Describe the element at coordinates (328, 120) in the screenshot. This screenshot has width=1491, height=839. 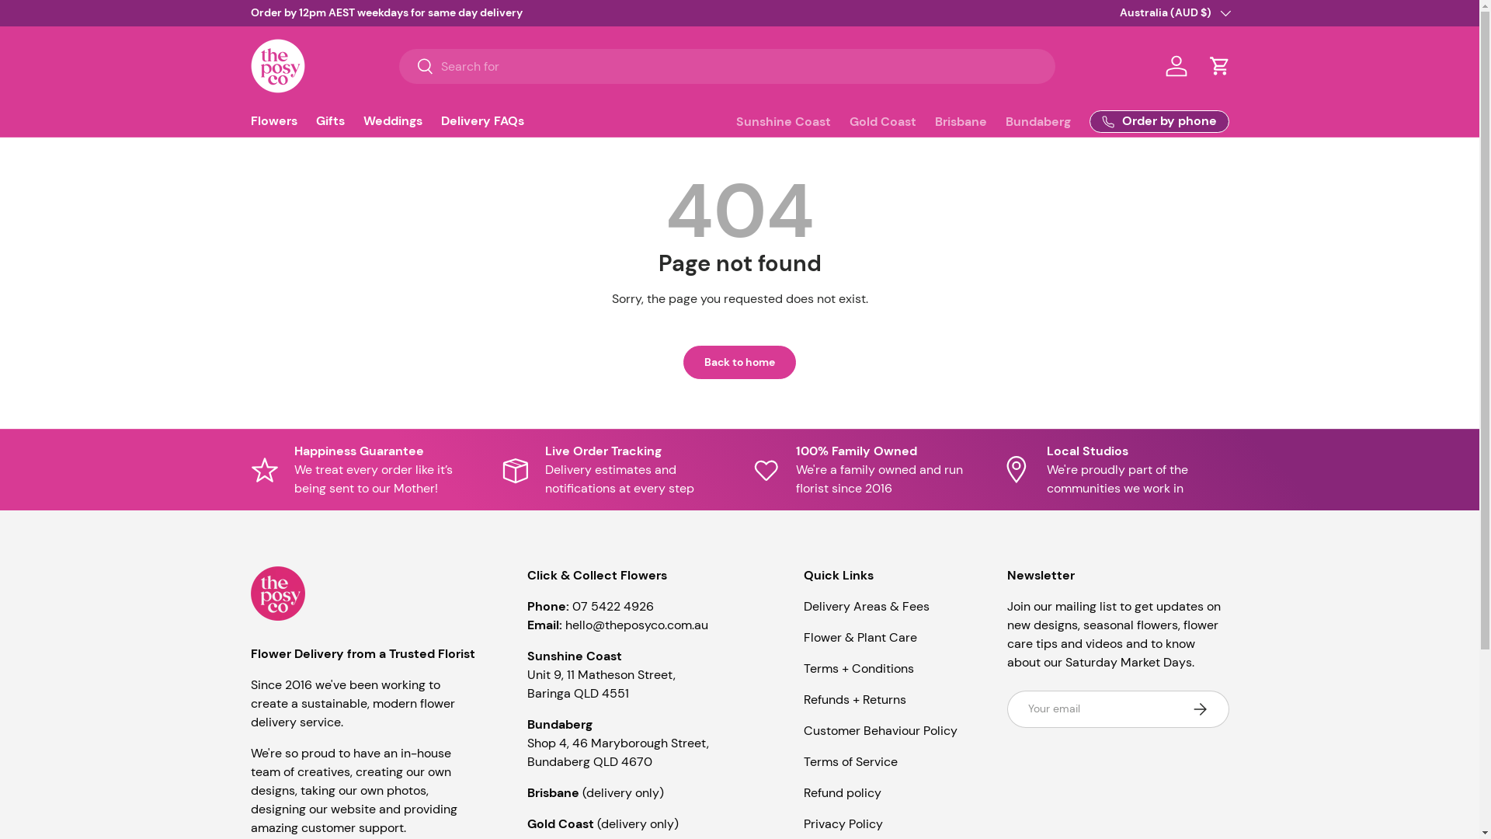
I see `'Gifts'` at that location.